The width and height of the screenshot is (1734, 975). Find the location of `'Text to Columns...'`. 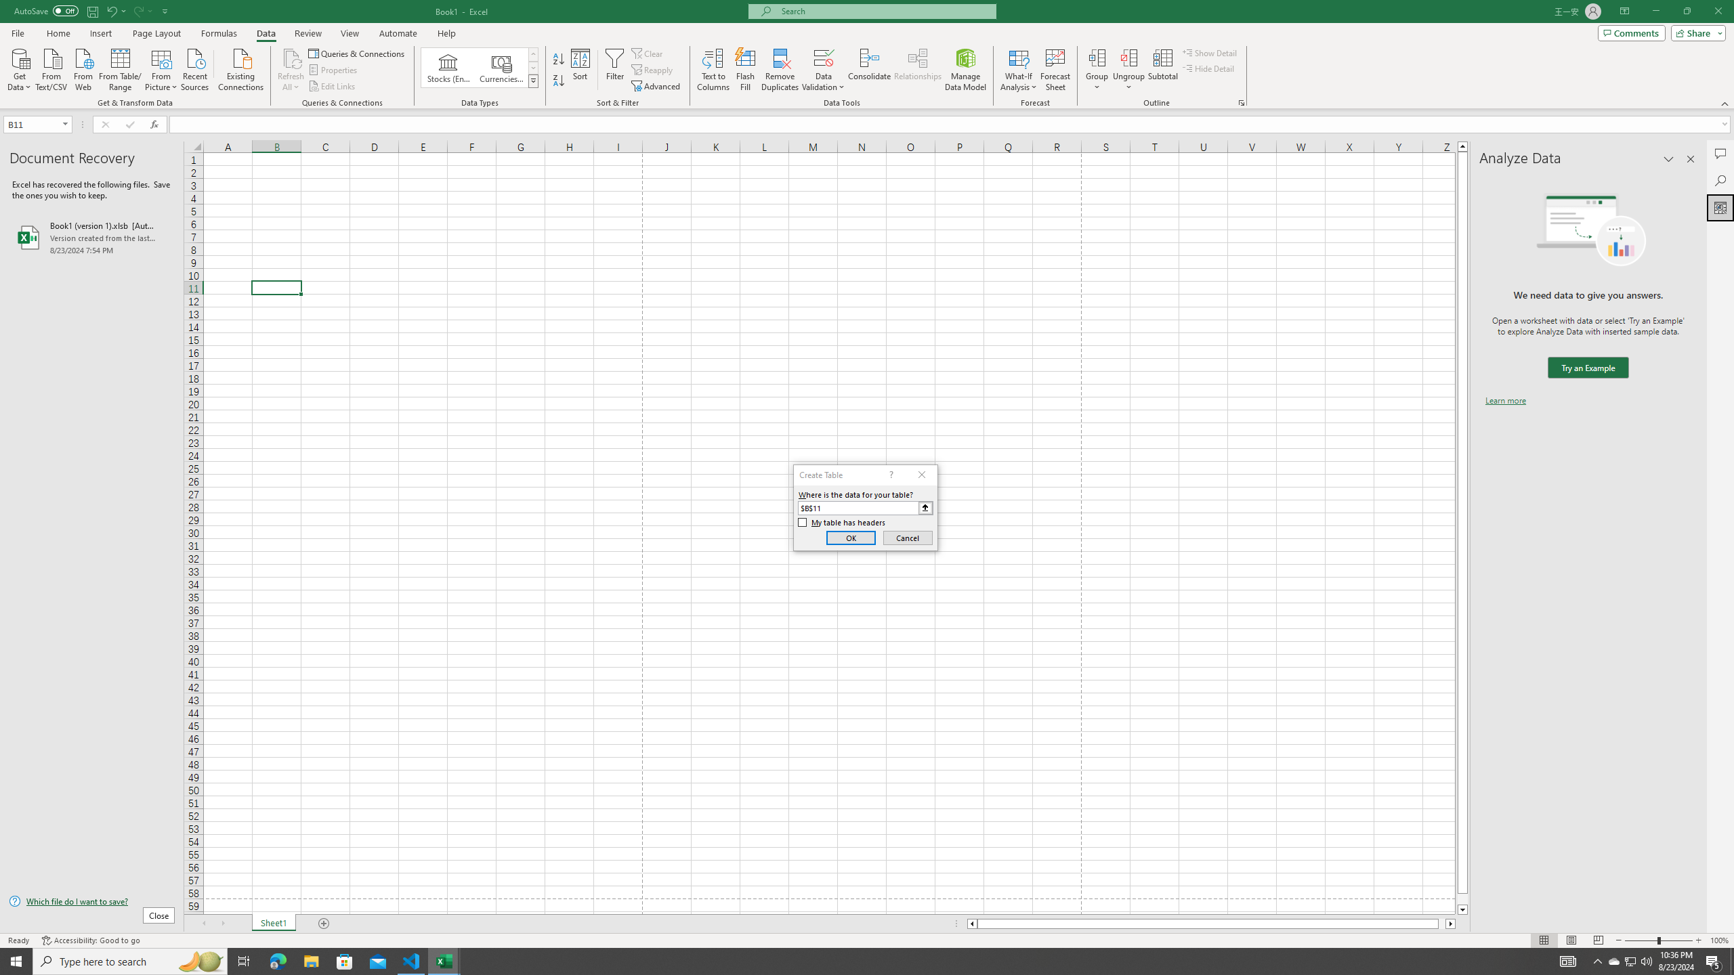

'Text to Columns...' is located at coordinates (713, 70).